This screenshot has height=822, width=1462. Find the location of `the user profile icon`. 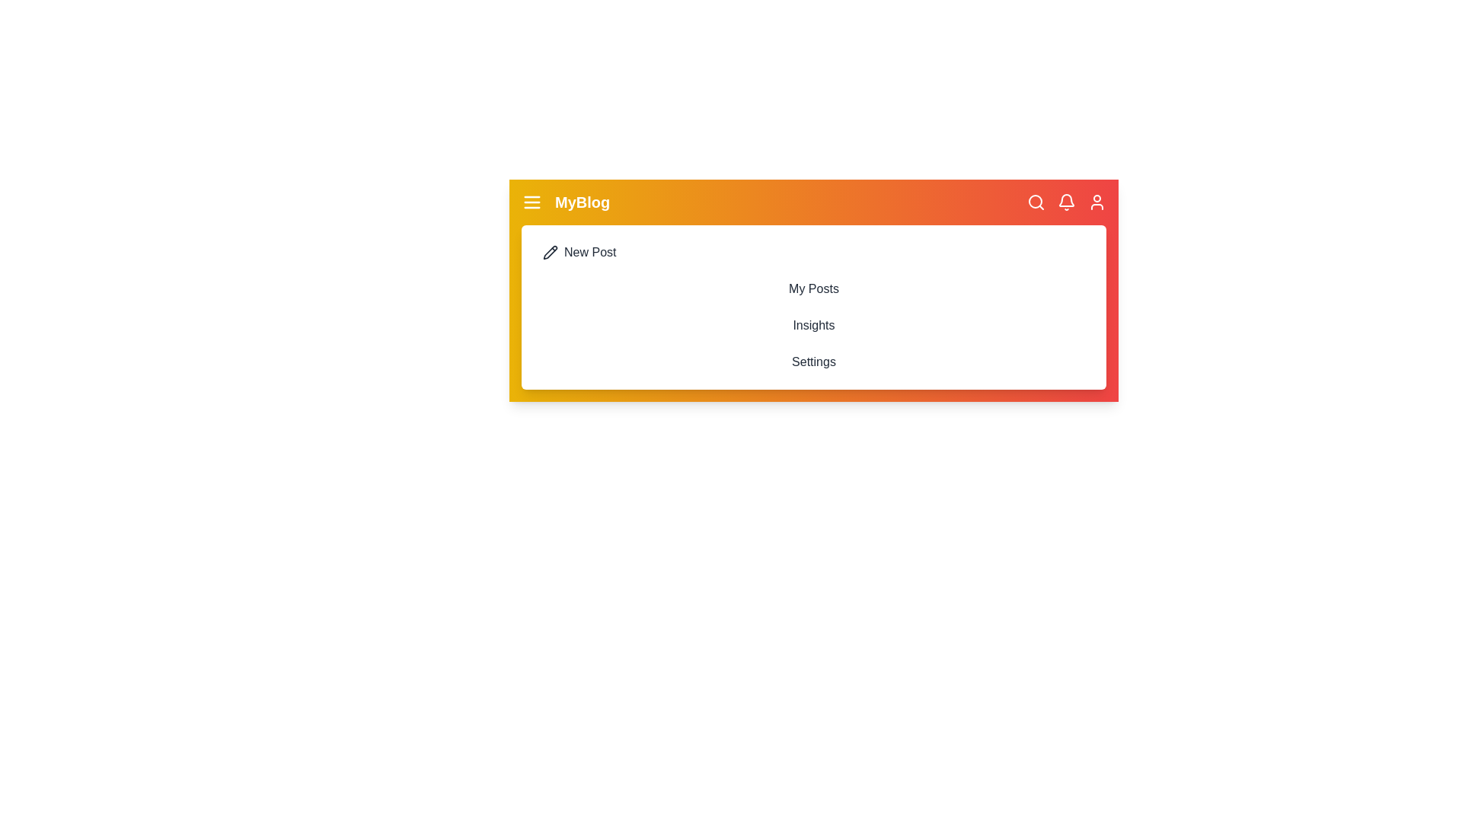

the user profile icon is located at coordinates (1096, 202).